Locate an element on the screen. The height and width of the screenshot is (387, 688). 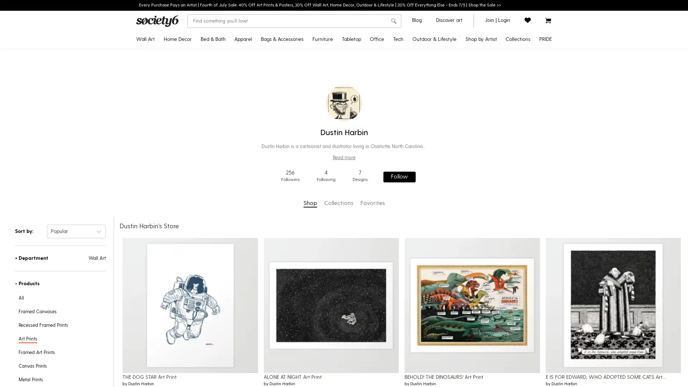
Laptop Sleeves is located at coordinates (424, 149).